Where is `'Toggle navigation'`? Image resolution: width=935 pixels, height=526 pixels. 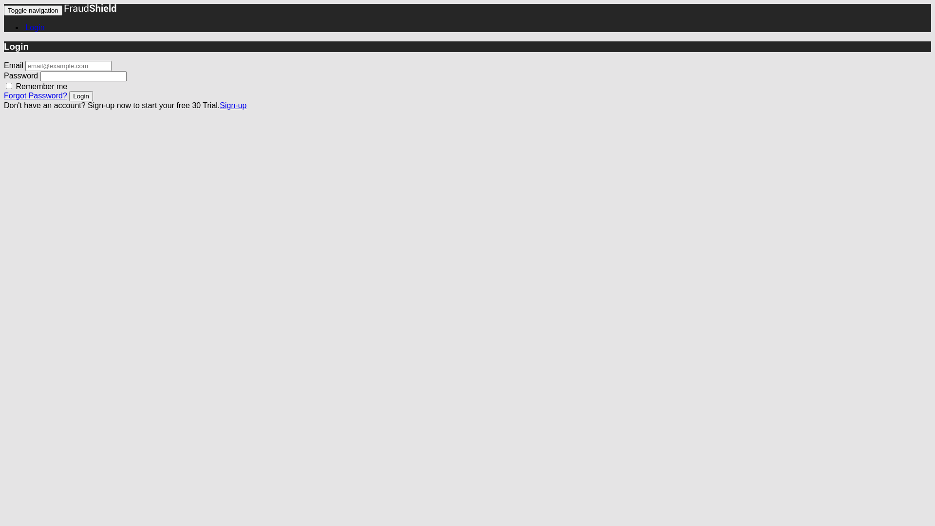 'Toggle navigation' is located at coordinates (33, 10).